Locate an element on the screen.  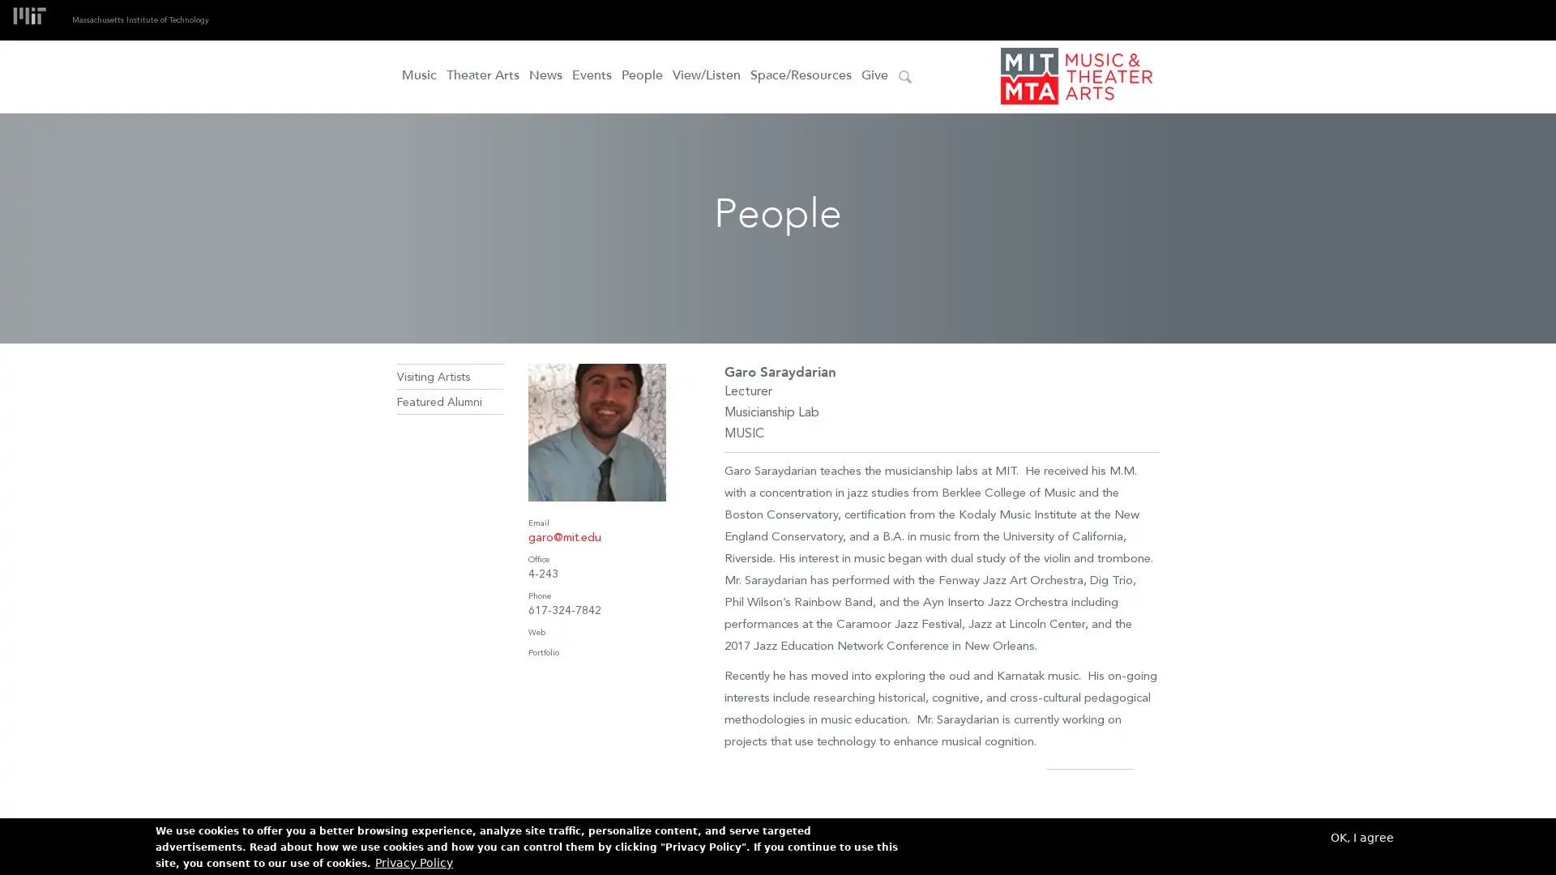
OK, I agree is located at coordinates (1361, 837).